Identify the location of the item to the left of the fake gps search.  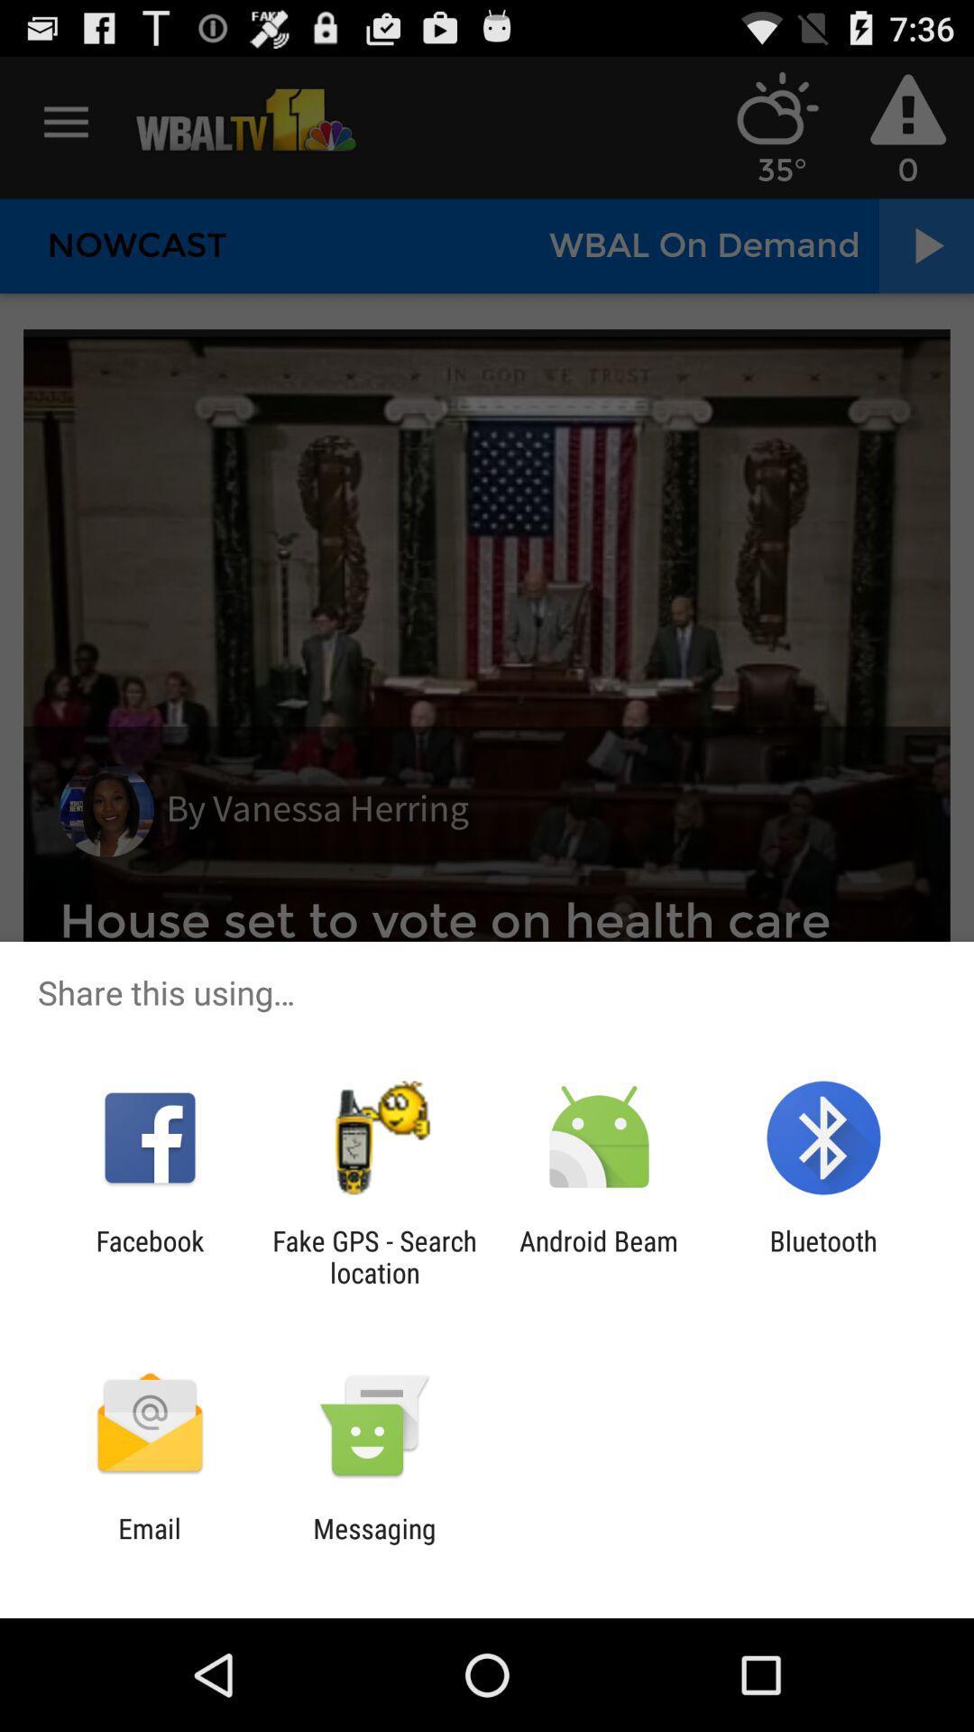
(149, 1256).